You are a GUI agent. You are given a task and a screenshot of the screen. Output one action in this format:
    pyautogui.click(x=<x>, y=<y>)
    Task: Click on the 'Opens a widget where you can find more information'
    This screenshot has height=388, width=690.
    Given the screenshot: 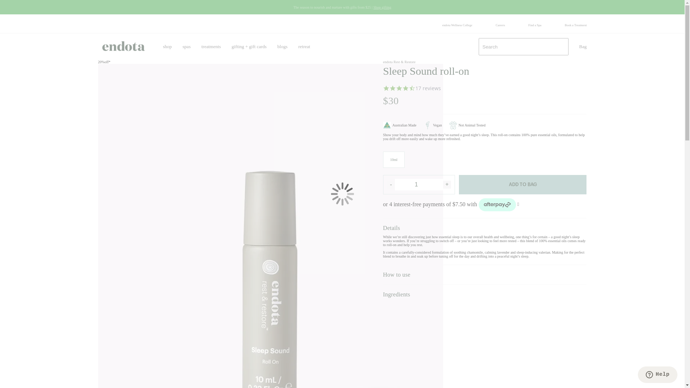 What is the action you would take?
    pyautogui.click(x=657, y=375)
    